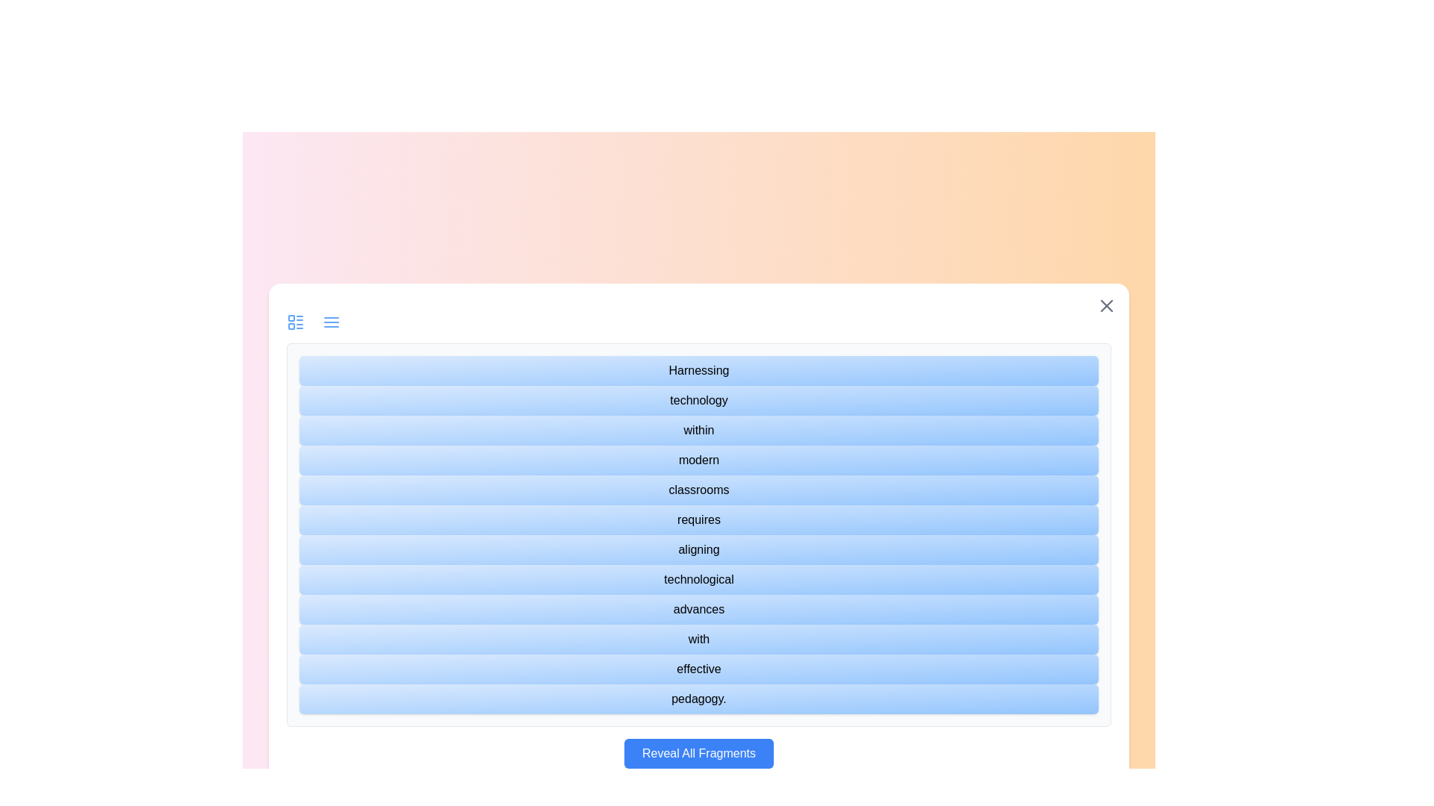 This screenshot has height=806, width=1434. Describe the element at coordinates (698, 754) in the screenshot. I see `the 'Reveal All Fragments' button` at that location.